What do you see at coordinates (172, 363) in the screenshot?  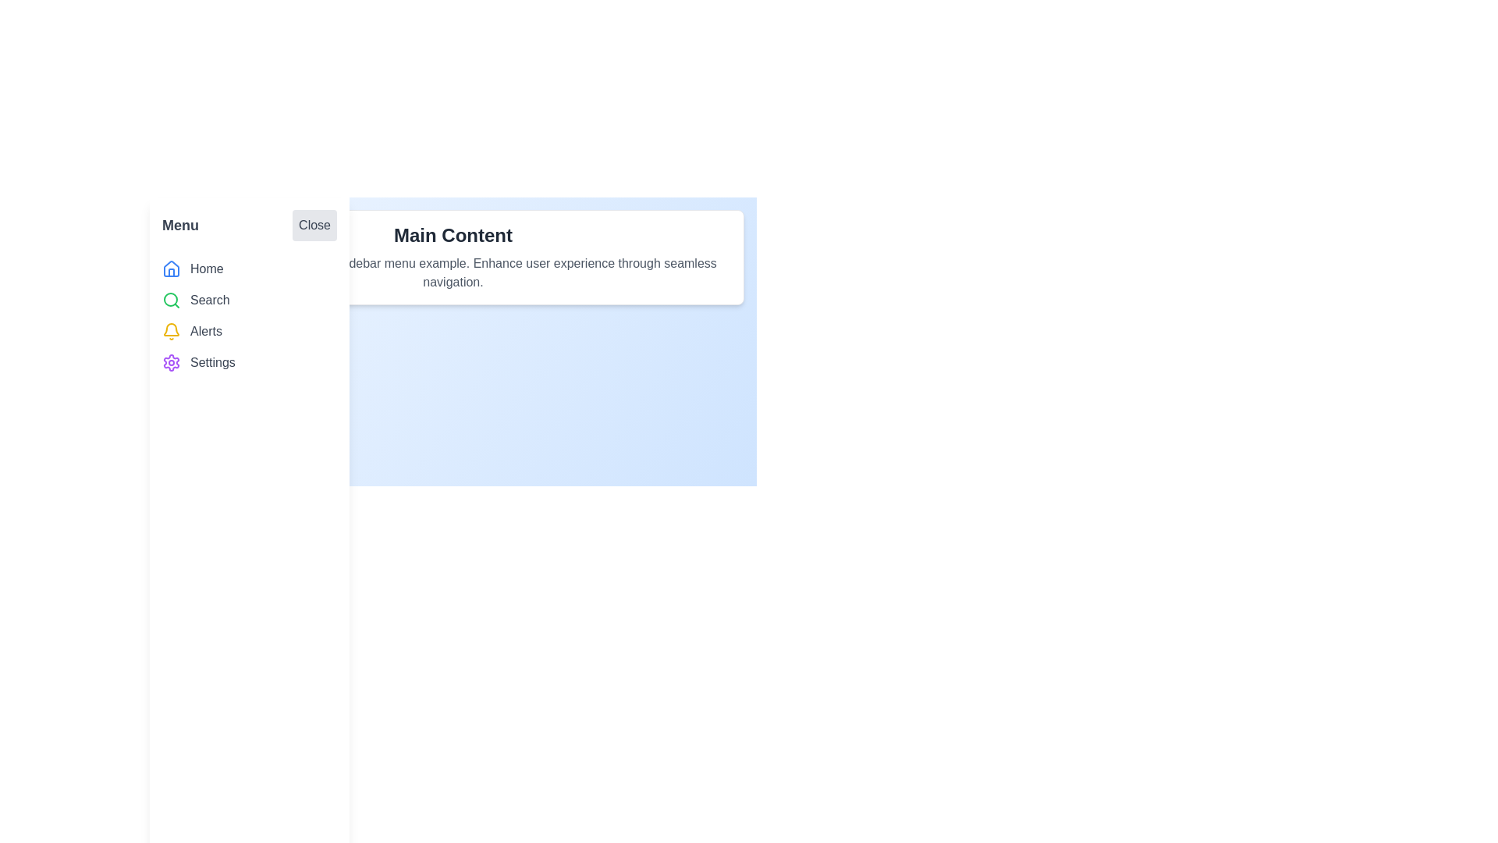 I see `the purple gear-shaped icon in the bottom section of the vertical navigation menu associated with the 'Settings' label` at bounding box center [172, 363].